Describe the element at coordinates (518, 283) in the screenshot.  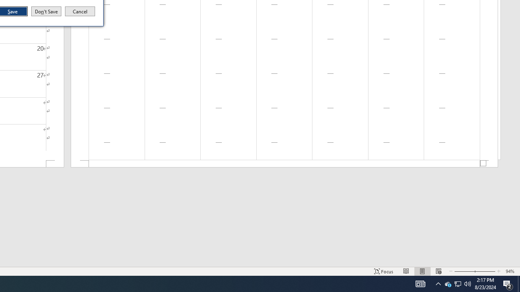
I see `'Show desktop'` at that location.